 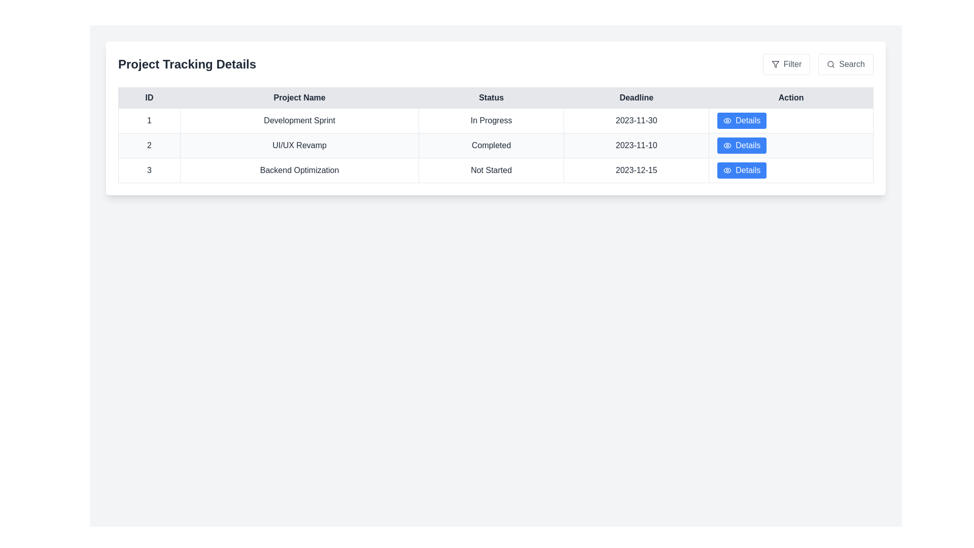 What do you see at coordinates (727, 145) in the screenshot?
I see `the eye-shaped icon with a blue background and white details, which is part of the 'Details' button in the second row of the table` at bounding box center [727, 145].